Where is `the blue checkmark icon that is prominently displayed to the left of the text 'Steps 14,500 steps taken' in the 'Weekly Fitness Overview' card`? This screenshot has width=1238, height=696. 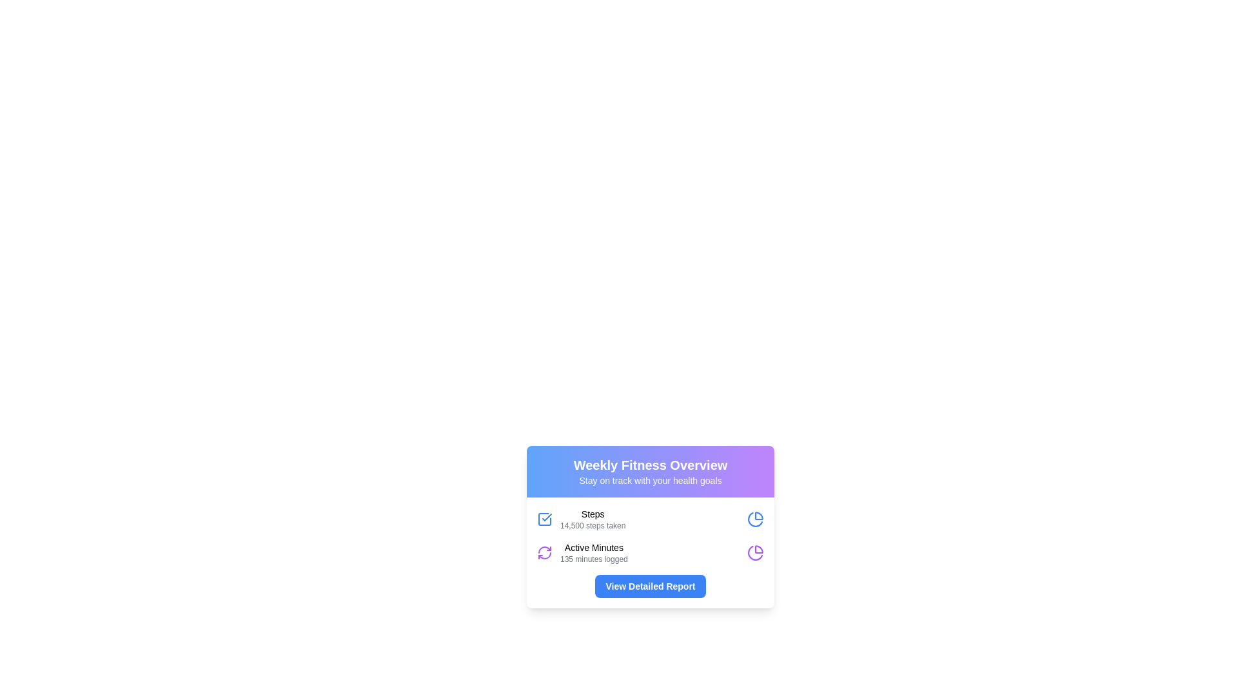
the blue checkmark icon that is prominently displayed to the left of the text 'Steps 14,500 steps taken' in the 'Weekly Fitness Overview' card is located at coordinates (544, 519).